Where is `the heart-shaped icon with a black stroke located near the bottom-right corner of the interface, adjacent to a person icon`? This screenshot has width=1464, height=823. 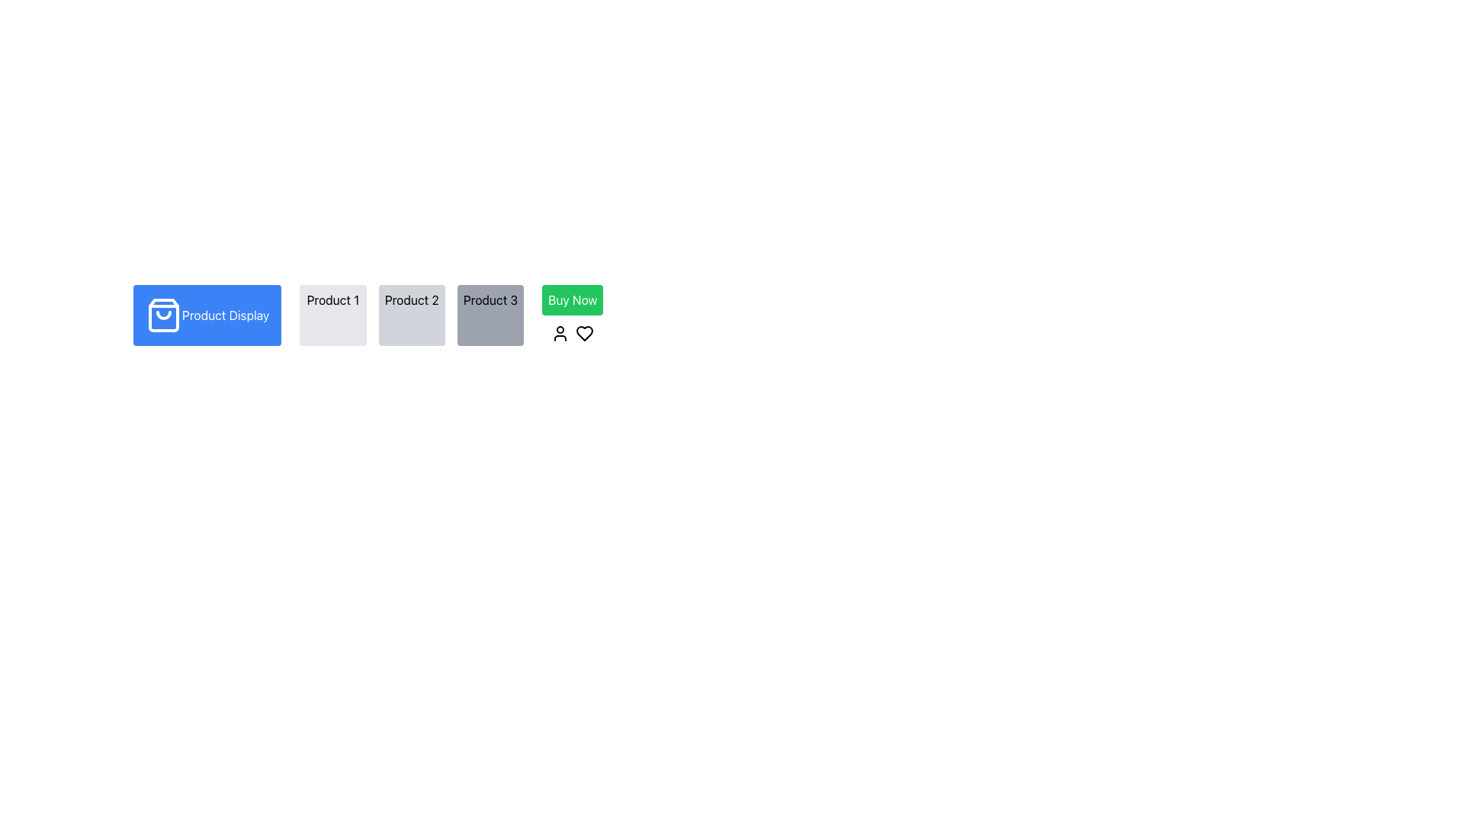 the heart-shaped icon with a black stroke located near the bottom-right corner of the interface, adjacent to a person icon is located at coordinates (584, 333).